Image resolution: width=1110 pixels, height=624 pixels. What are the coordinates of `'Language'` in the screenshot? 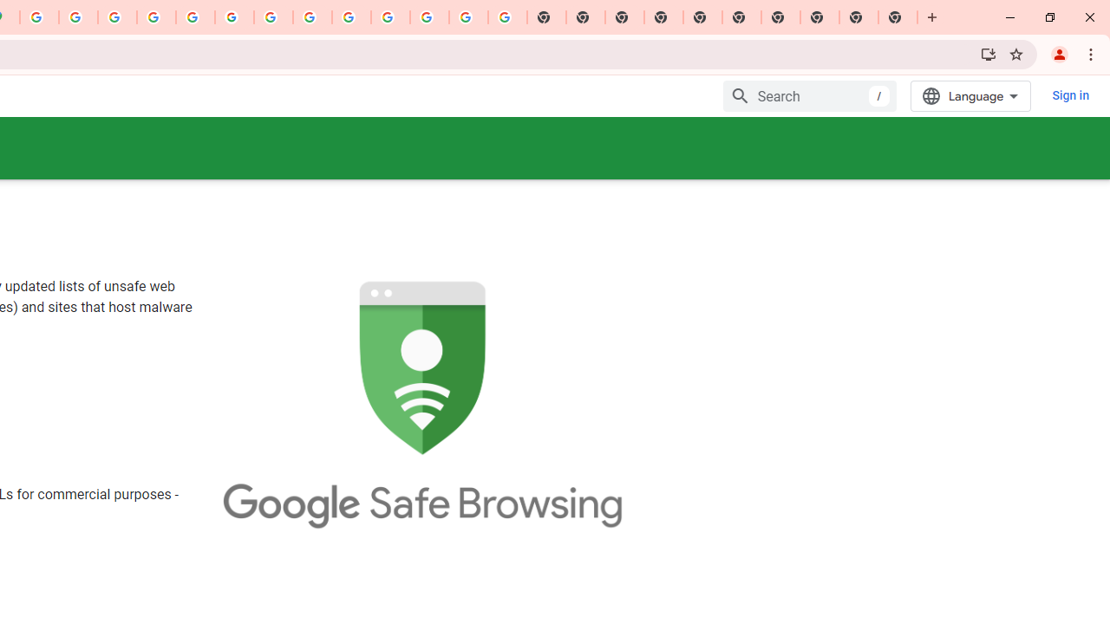 It's located at (971, 95).